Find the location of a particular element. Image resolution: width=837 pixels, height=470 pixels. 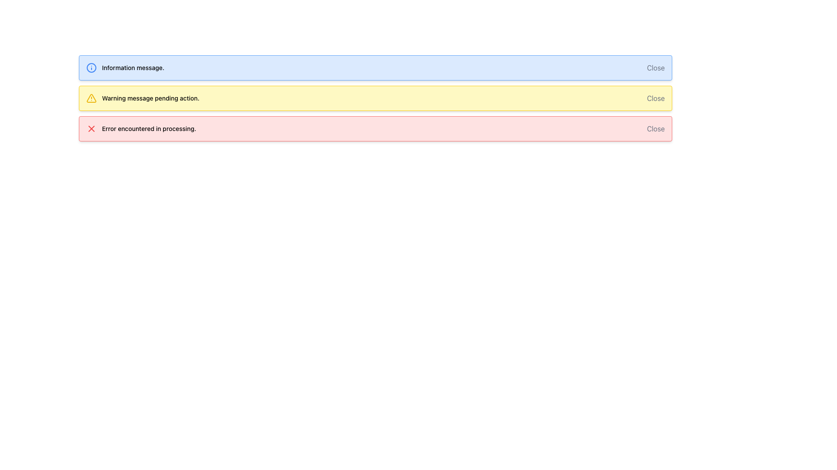

the warning message labeled 'Warning message pending action.' that is styled in a yellow rectangle and positioned between a caution icon and a 'Close' button is located at coordinates (150, 98).